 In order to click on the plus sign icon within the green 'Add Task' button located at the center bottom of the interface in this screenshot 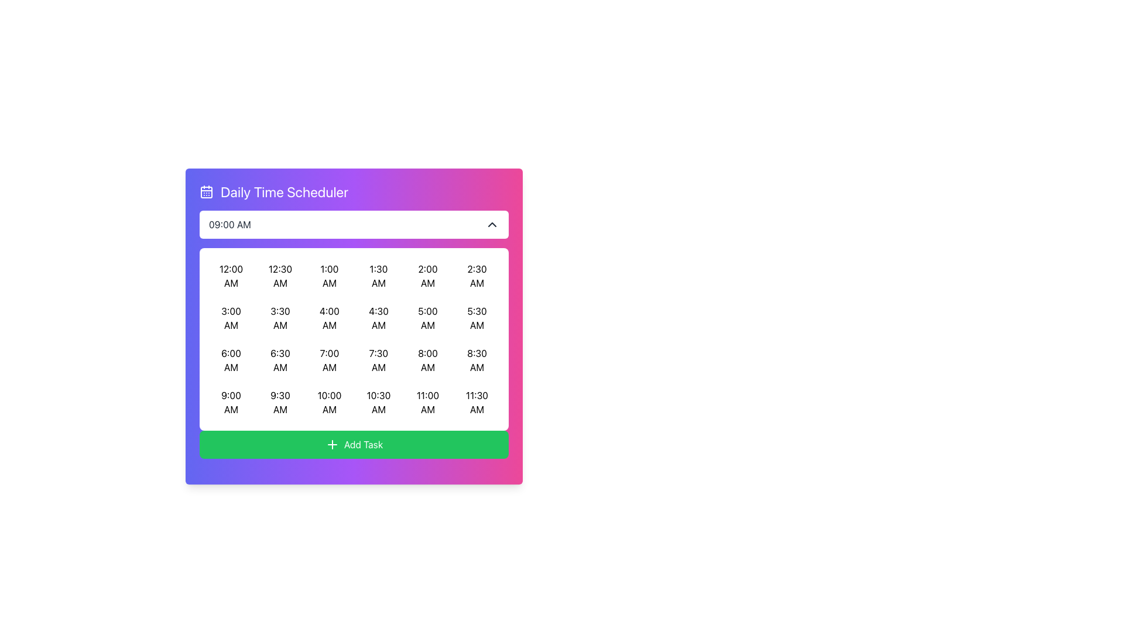, I will do `click(331, 444)`.